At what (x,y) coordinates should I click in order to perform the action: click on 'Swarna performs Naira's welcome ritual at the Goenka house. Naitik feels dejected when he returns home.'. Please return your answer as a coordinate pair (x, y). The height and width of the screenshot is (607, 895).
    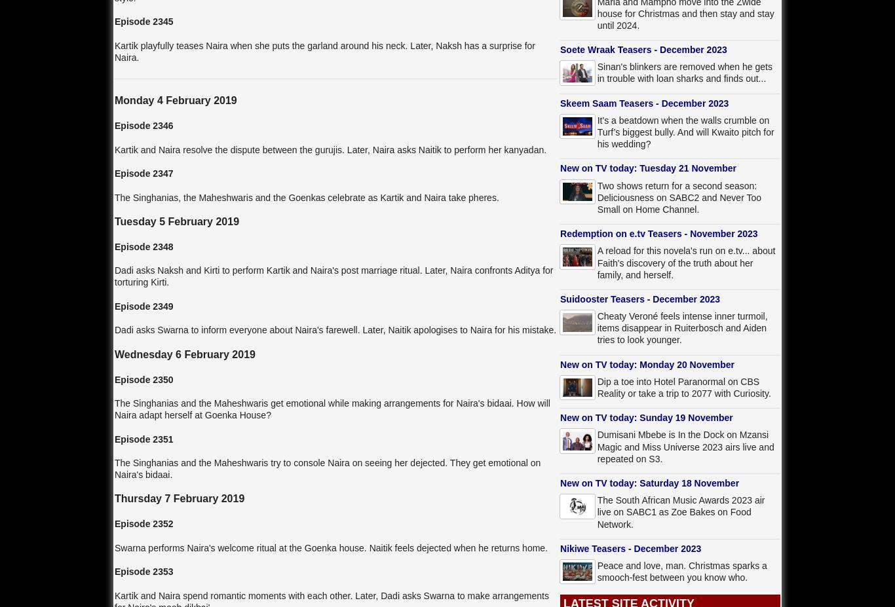
    Looking at the image, I should click on (331, 547).